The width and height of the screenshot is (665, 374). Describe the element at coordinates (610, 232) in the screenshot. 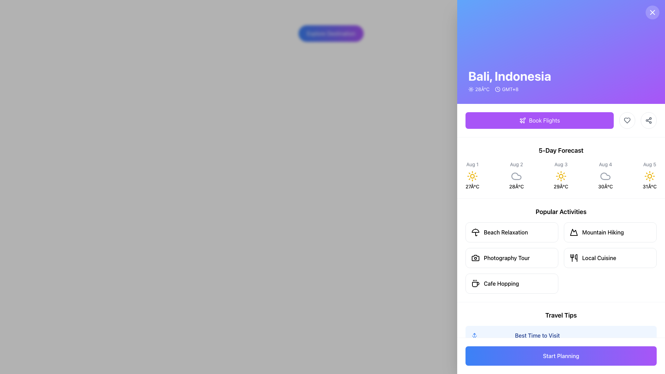

I see `the 'Mountain Hiking' button, which is the second item in the grid of 'Popular Activities'` at that location.